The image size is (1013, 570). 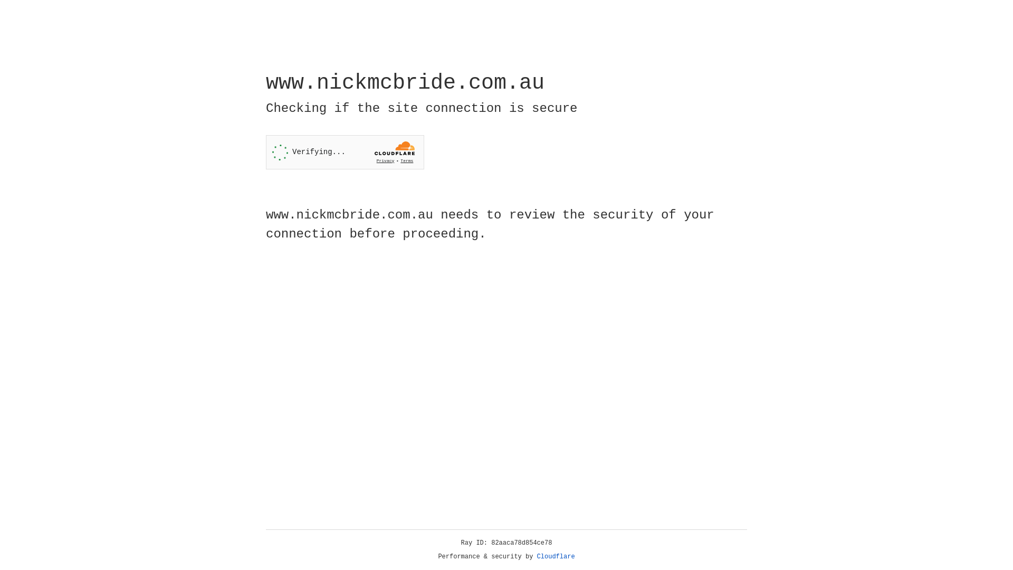 What do you see at coordinates (556, 556) in the screenshot?
I see `'Cloudflare'` at bounding box center [556, 556].